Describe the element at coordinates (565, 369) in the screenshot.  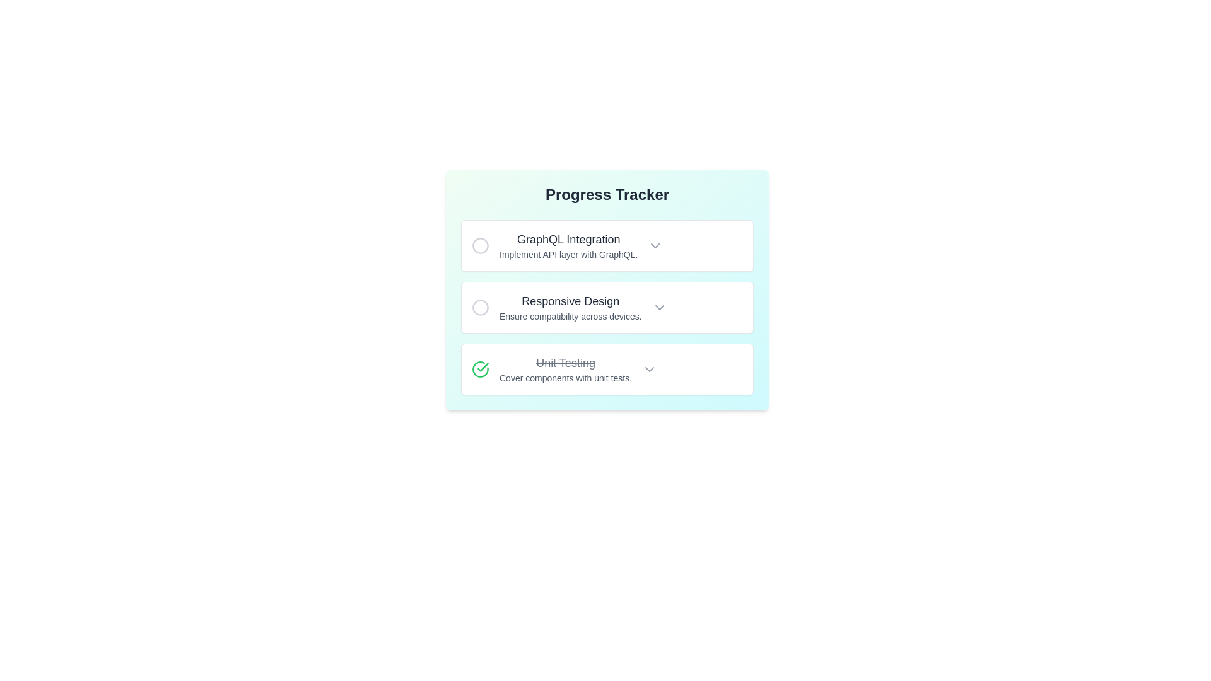
I see `the completed task text and label component in the progress tracker, which is the third task in the list and has a checkmark icon to its left` at that location.